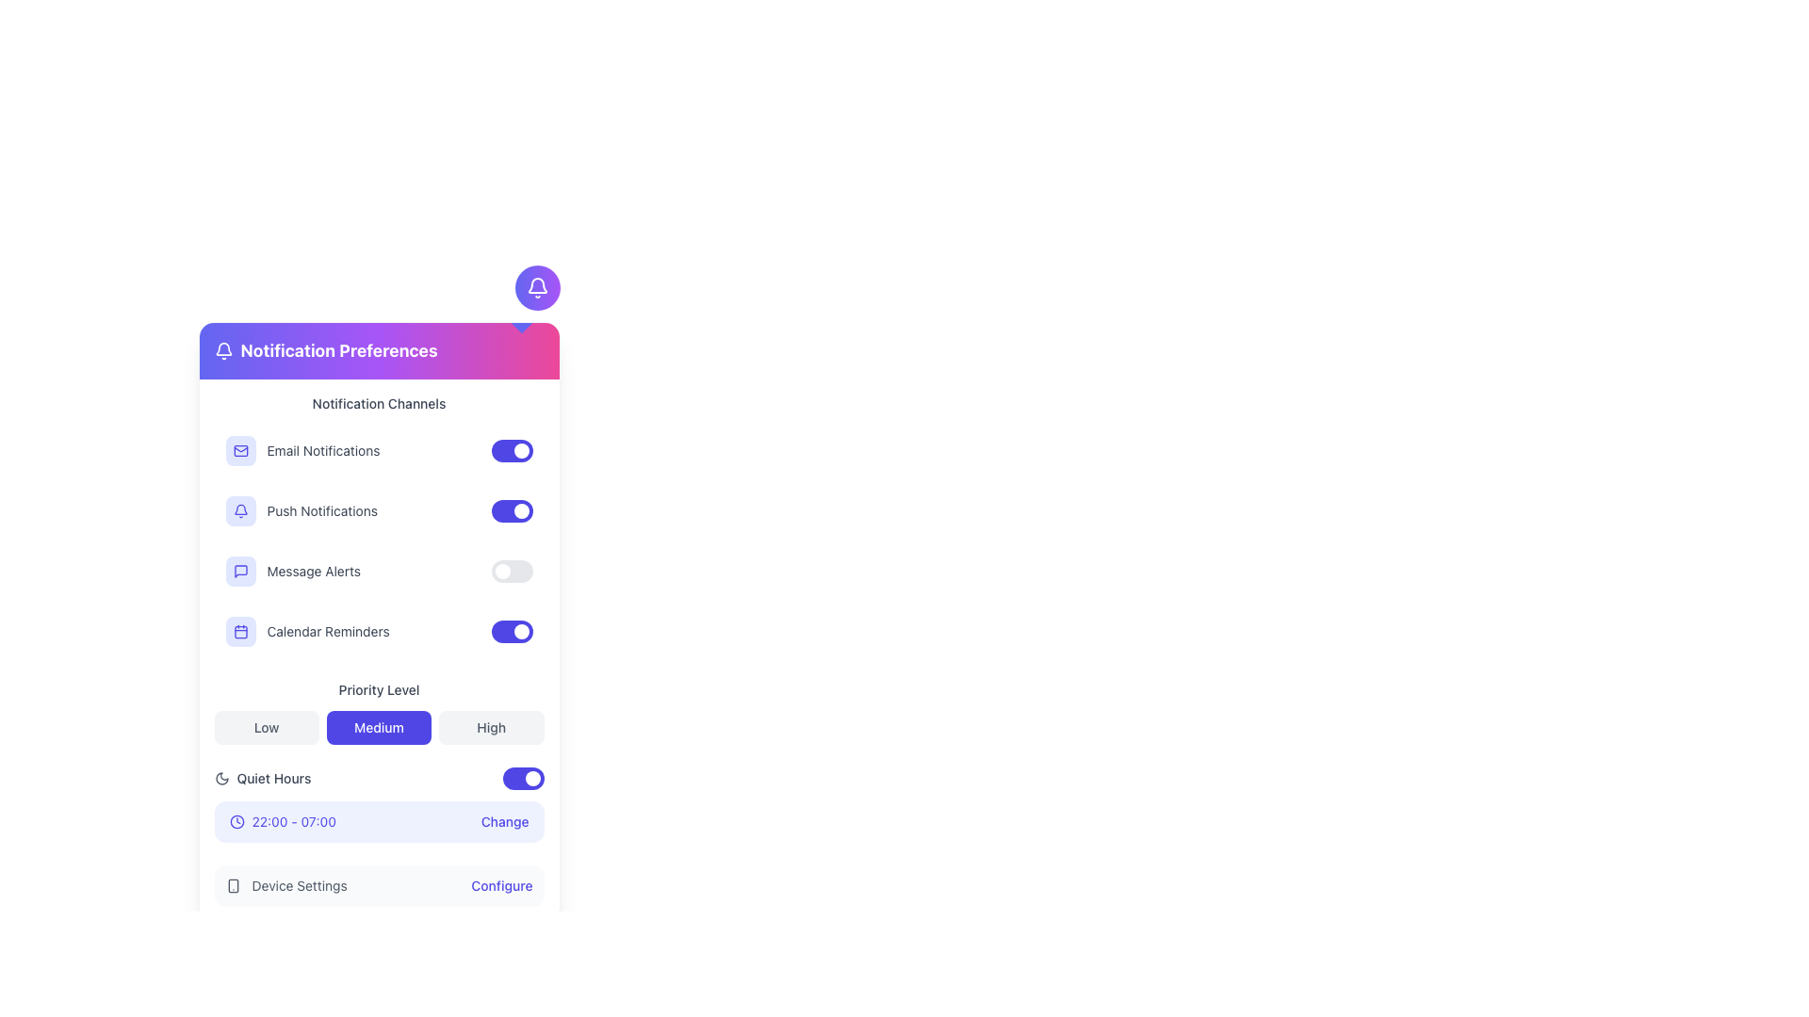 This screenshot has width=1809, height=1017. I want to click on the button located to the right side of the 'Device Settings' label at the bottom of the interface, so click(501, 886).